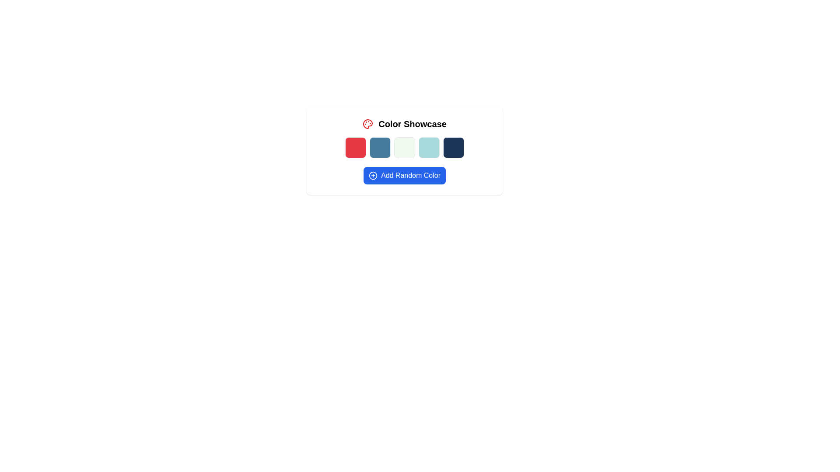  Describe the element at coordinates (368, 124) in the screenshot. I see `the decorative icon representing the theme of the content, positioned to the left of the text 'Color Showcase'` at that location.